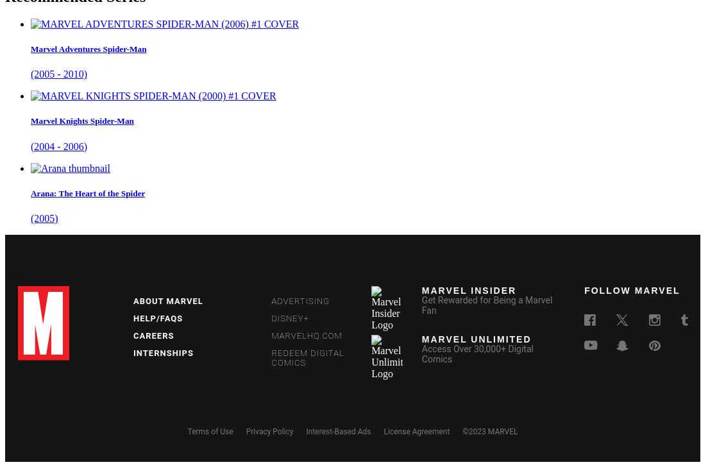  I want to click on '(2005 - 2010)', so click(58, 74).